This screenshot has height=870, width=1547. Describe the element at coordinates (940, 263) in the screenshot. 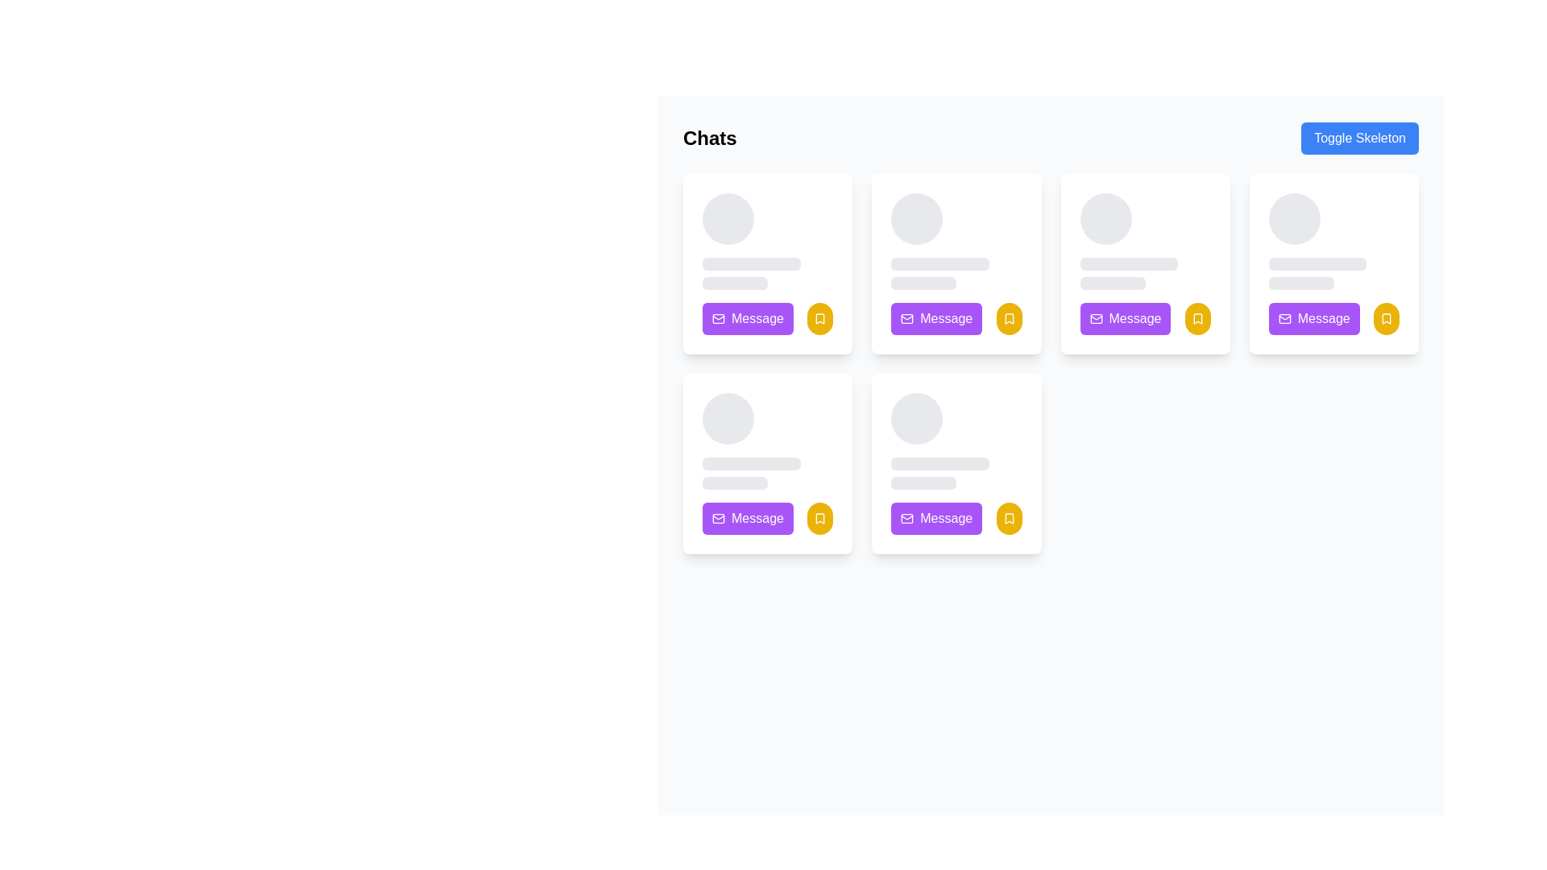

I see `the light gray horizontal placeholder bar located between the profile picture and the gray bar below, above the purple 'Message' button and yellow bookmark icon` at that location.